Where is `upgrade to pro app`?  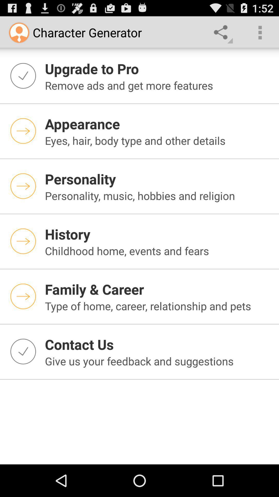
upgrade to pro app is located at coordinates (158, 68).